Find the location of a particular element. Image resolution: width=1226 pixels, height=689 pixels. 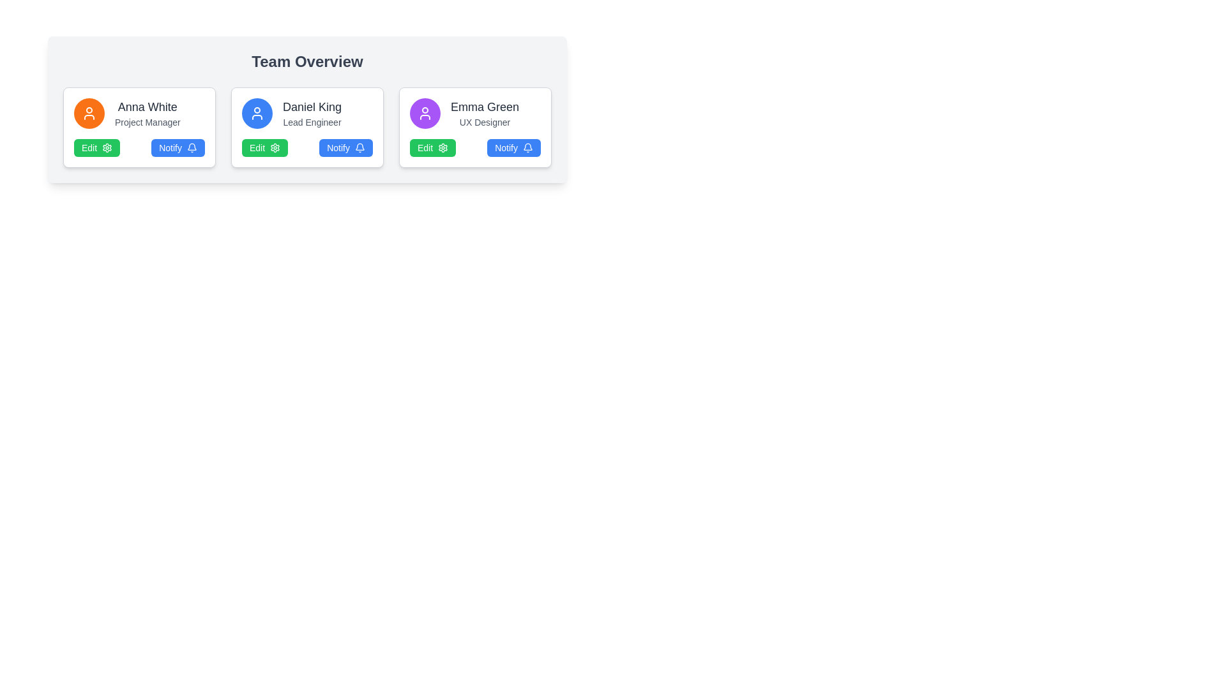

displayed name 'Emma Green' and the role 'UX Designer' from the profile section located in the third card under 'Team Overview' is located at coordinates (474, 112).